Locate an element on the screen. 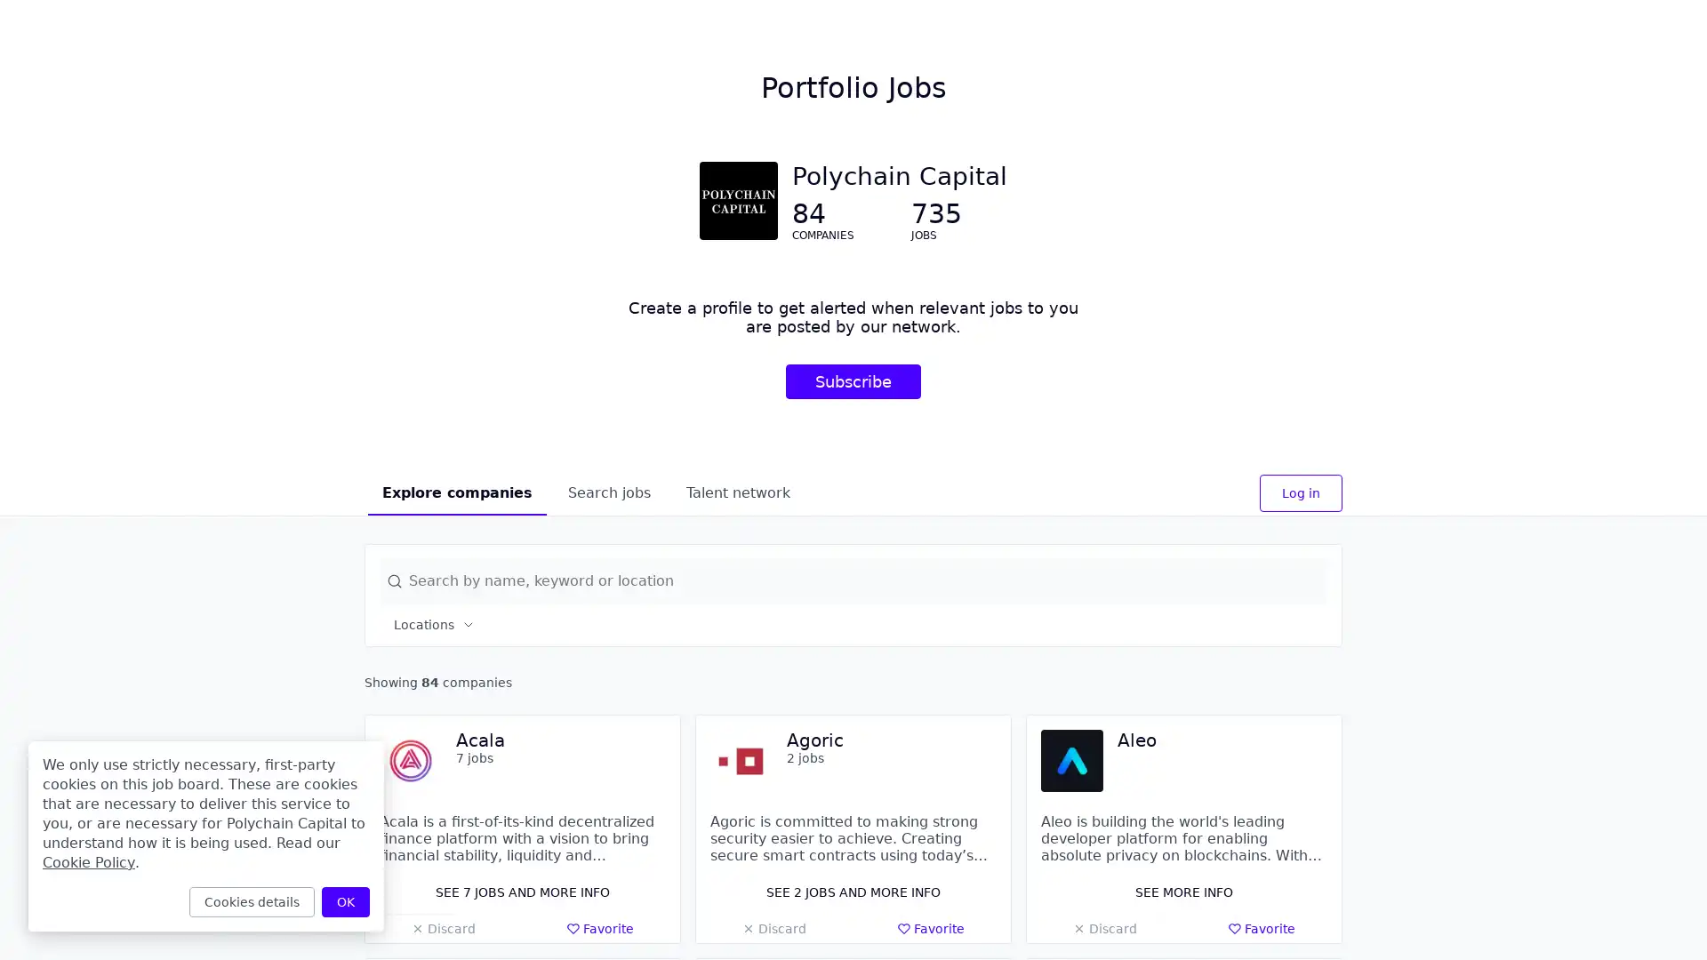  Discard is located at coordinates (773, 928).